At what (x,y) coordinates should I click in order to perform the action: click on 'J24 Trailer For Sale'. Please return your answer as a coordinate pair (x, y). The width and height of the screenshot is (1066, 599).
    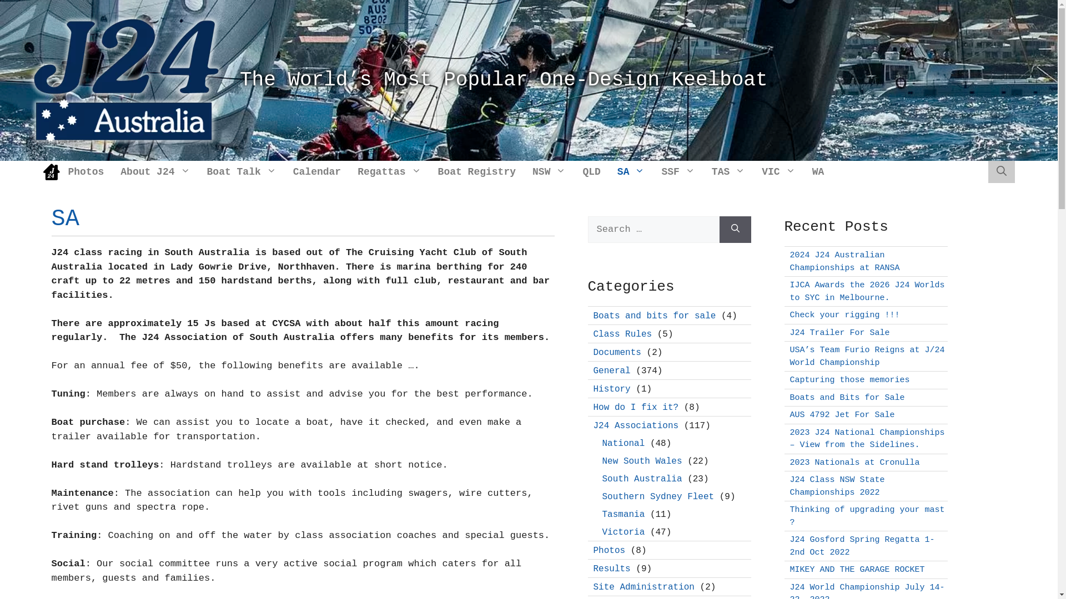
    Looking at the image, I should click on (839, 332).